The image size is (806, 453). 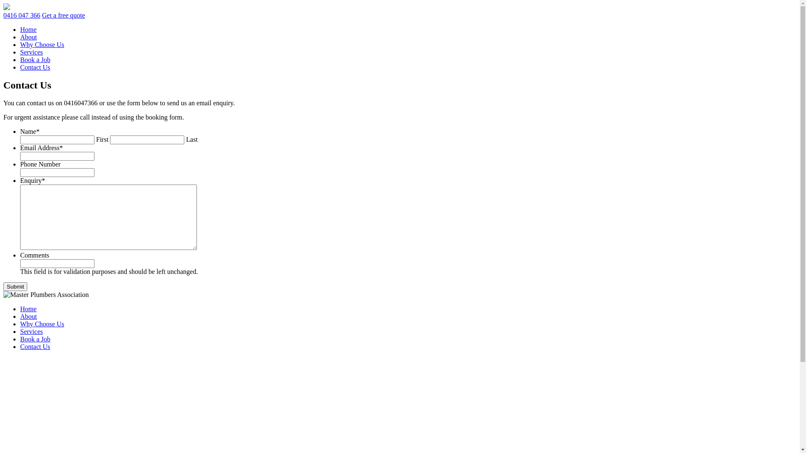 I want to click on '0416 047 366', so click(x=22, y=15).